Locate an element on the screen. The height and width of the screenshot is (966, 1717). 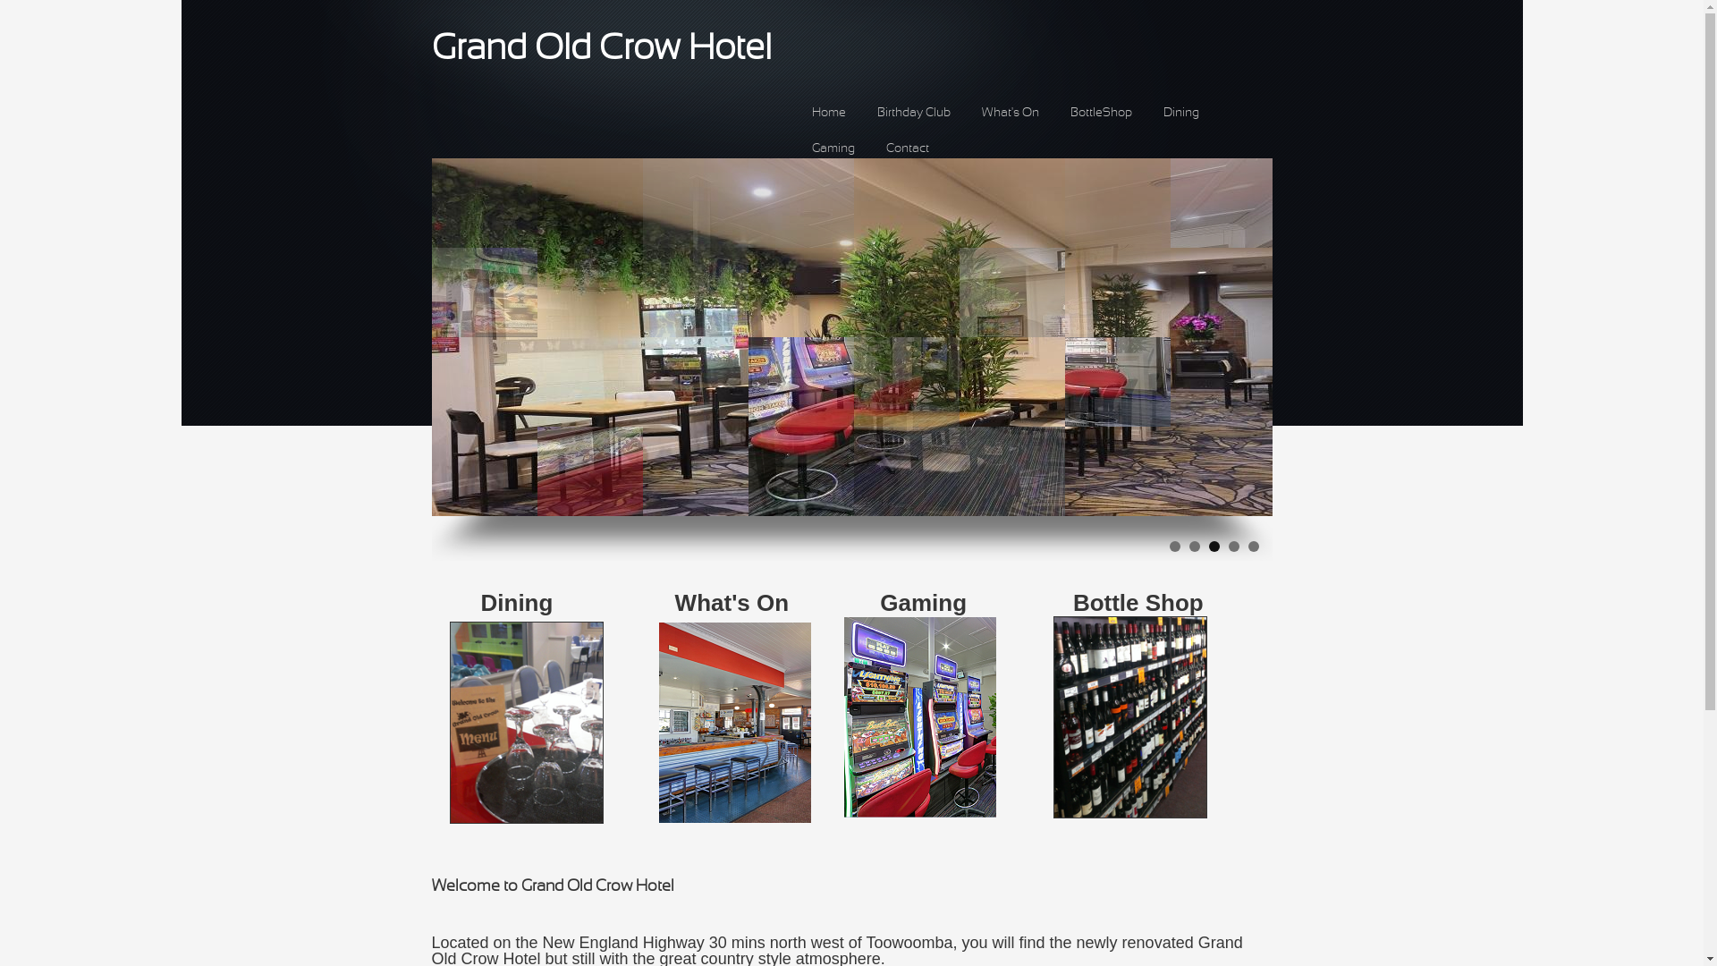
'Birthday Club' is located at coordinates (913, 114).